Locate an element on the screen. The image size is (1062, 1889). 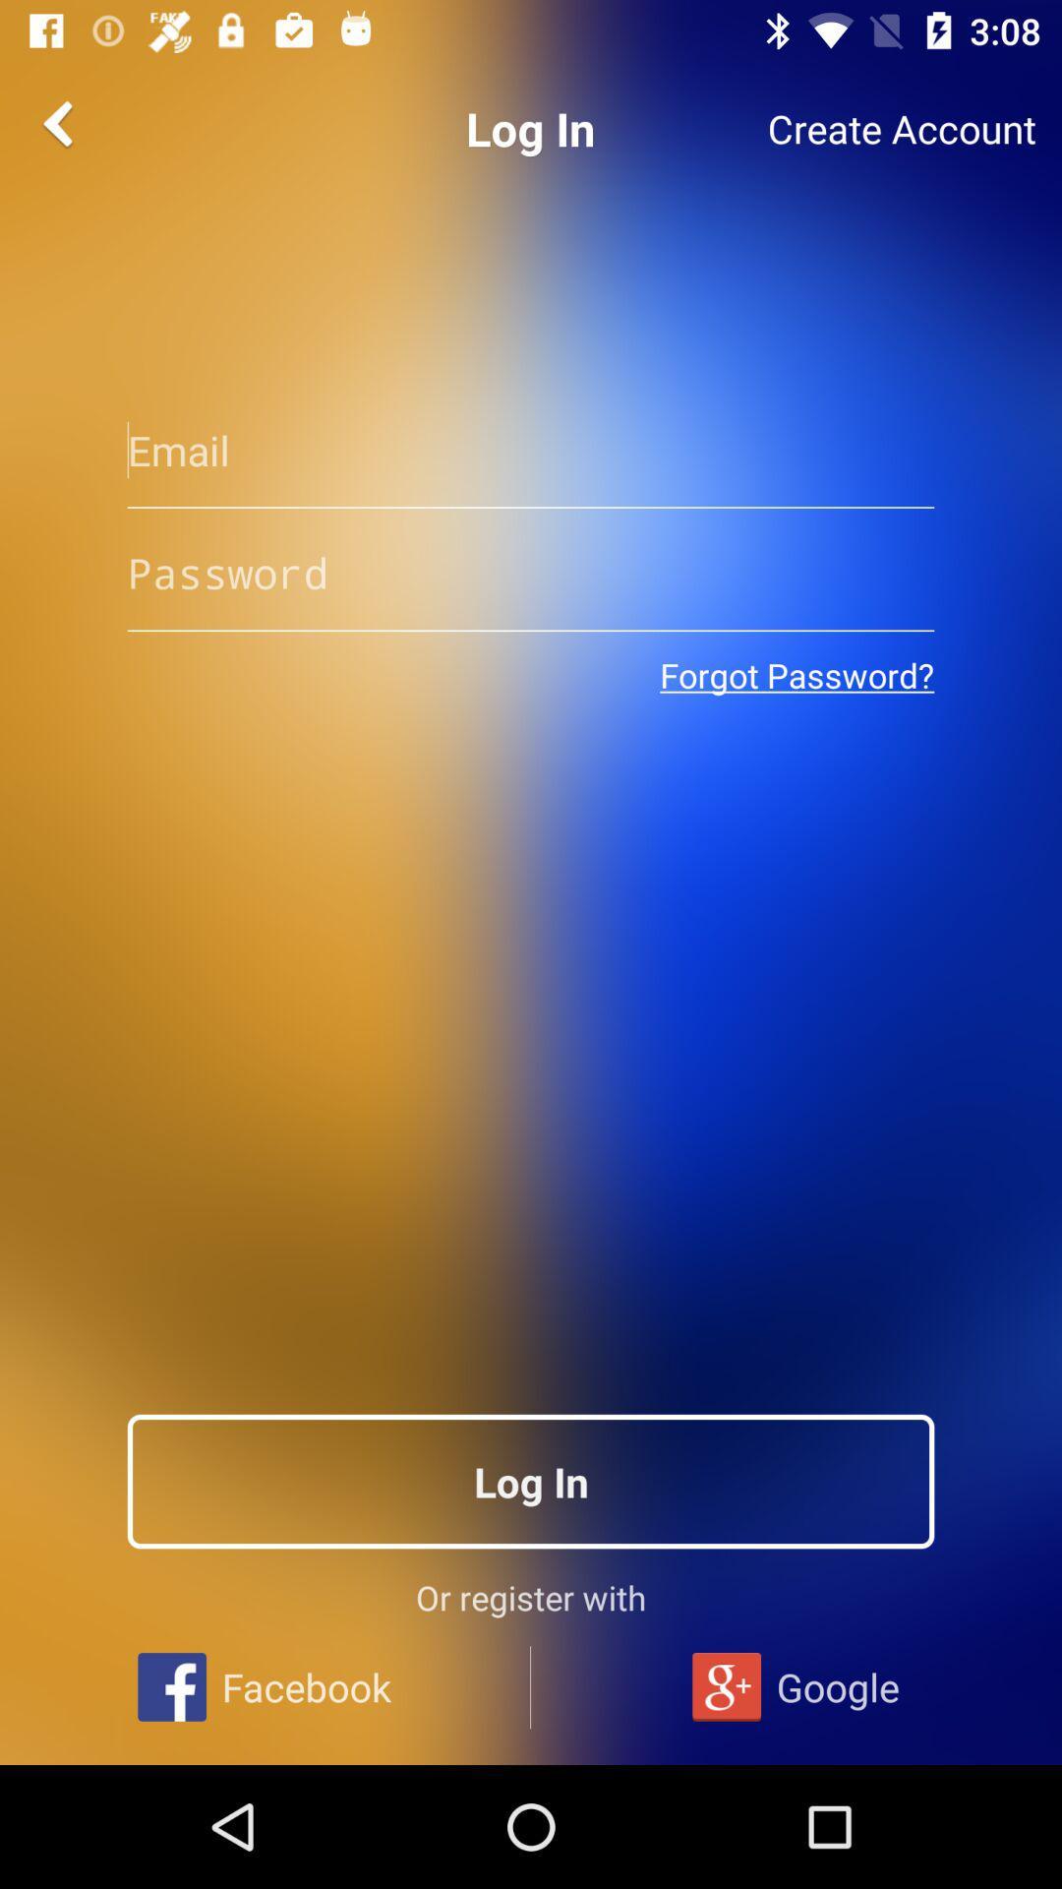
the forgot password? app is located at coordinates (796, 675).